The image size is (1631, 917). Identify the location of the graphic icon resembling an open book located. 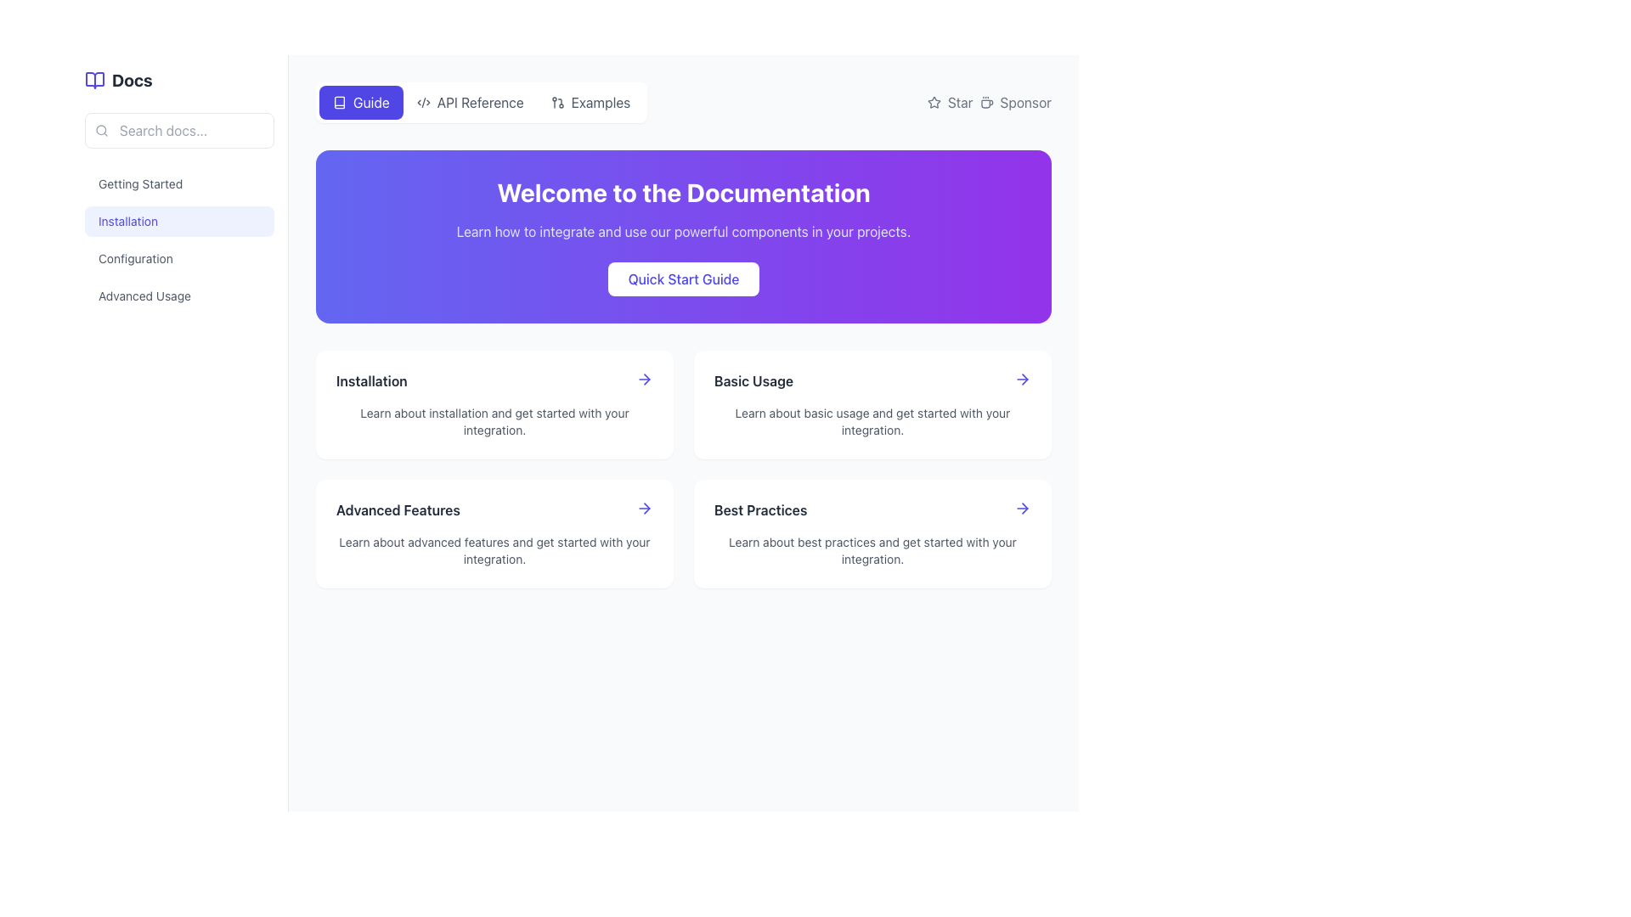
(339, 102).